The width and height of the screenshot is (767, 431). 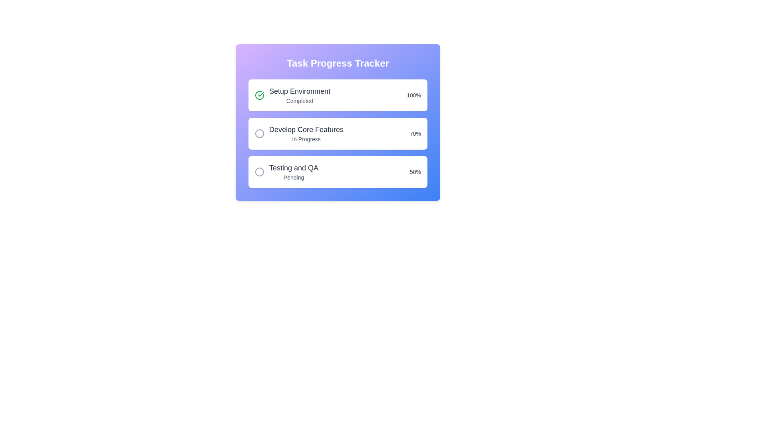 What do you see at coordinates (292, 95) in the screenshot?
I see `the completion status of the task entry indicating 'Setup Environment' has been completed, which is the first item in a task list with a percentage indicator on its right` at bounding box center [292, 95].